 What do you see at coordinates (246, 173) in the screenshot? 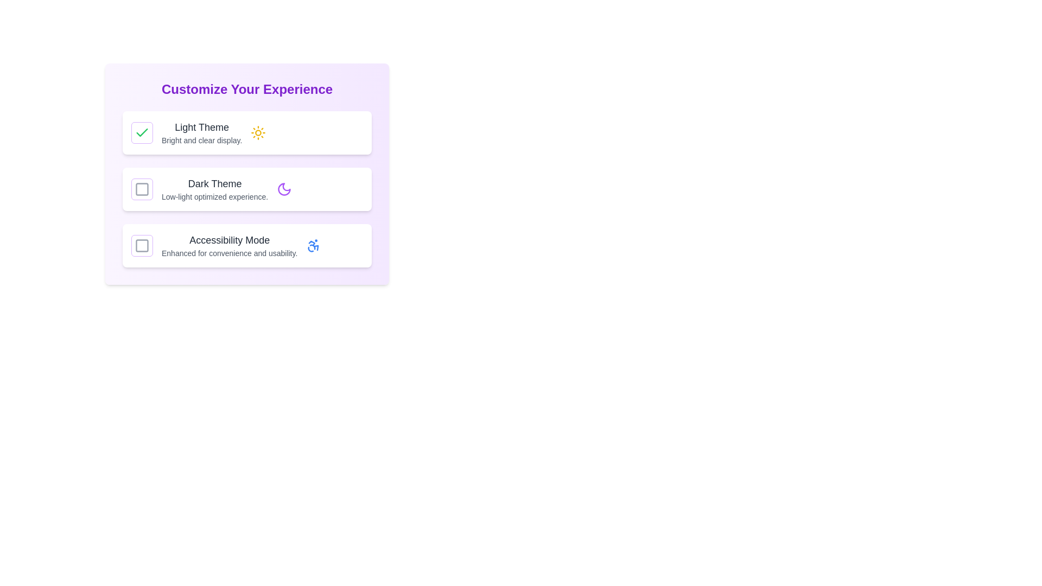
I see `the checkbox for the 'Dark Theme' option` at bounding box center [246, 173].